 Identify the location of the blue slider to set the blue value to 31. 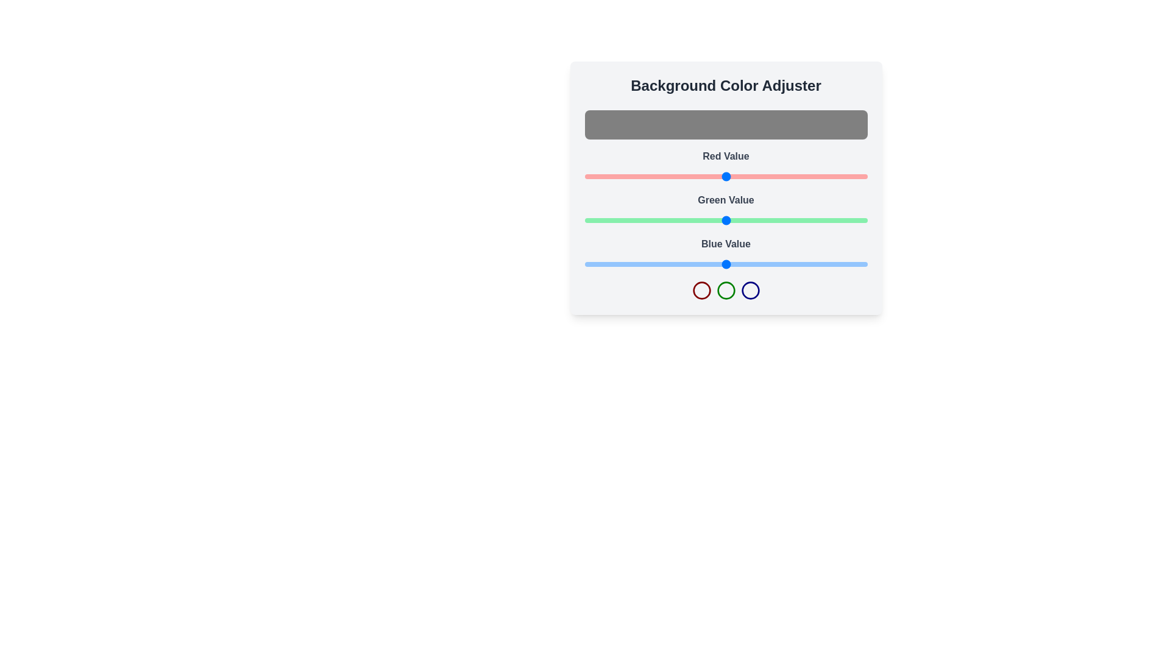
(619, 264).